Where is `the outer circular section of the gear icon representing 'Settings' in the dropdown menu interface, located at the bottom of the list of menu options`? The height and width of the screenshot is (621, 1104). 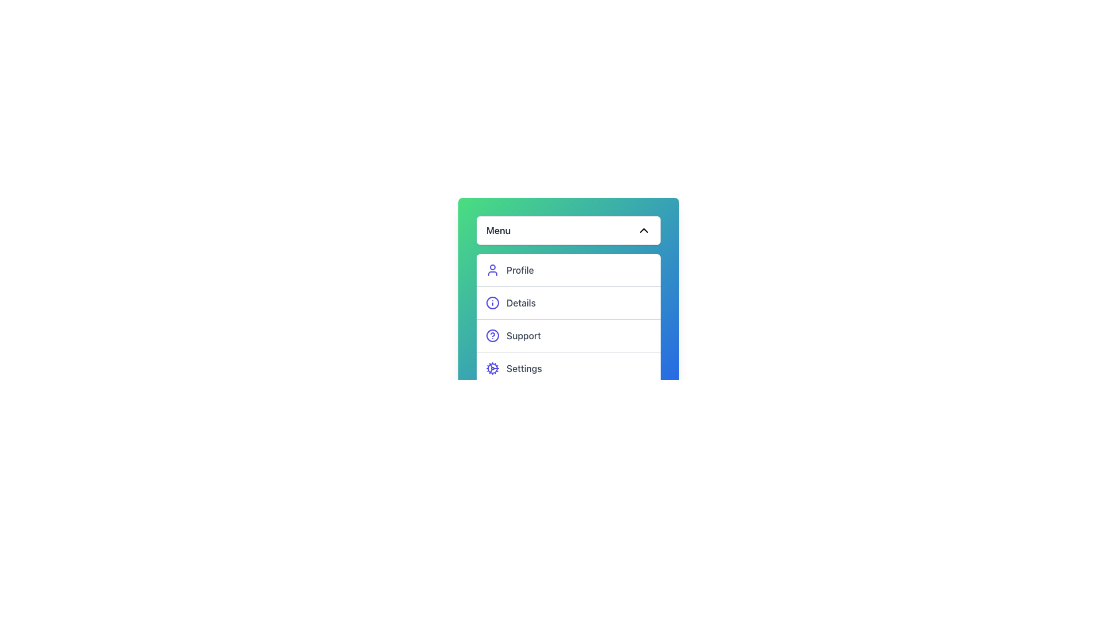
the outer circular section of the gear icon representing 'Settings' in the dropdown menu interface, located at the bottom of the list of menu options is located at coordinates (493, 368).